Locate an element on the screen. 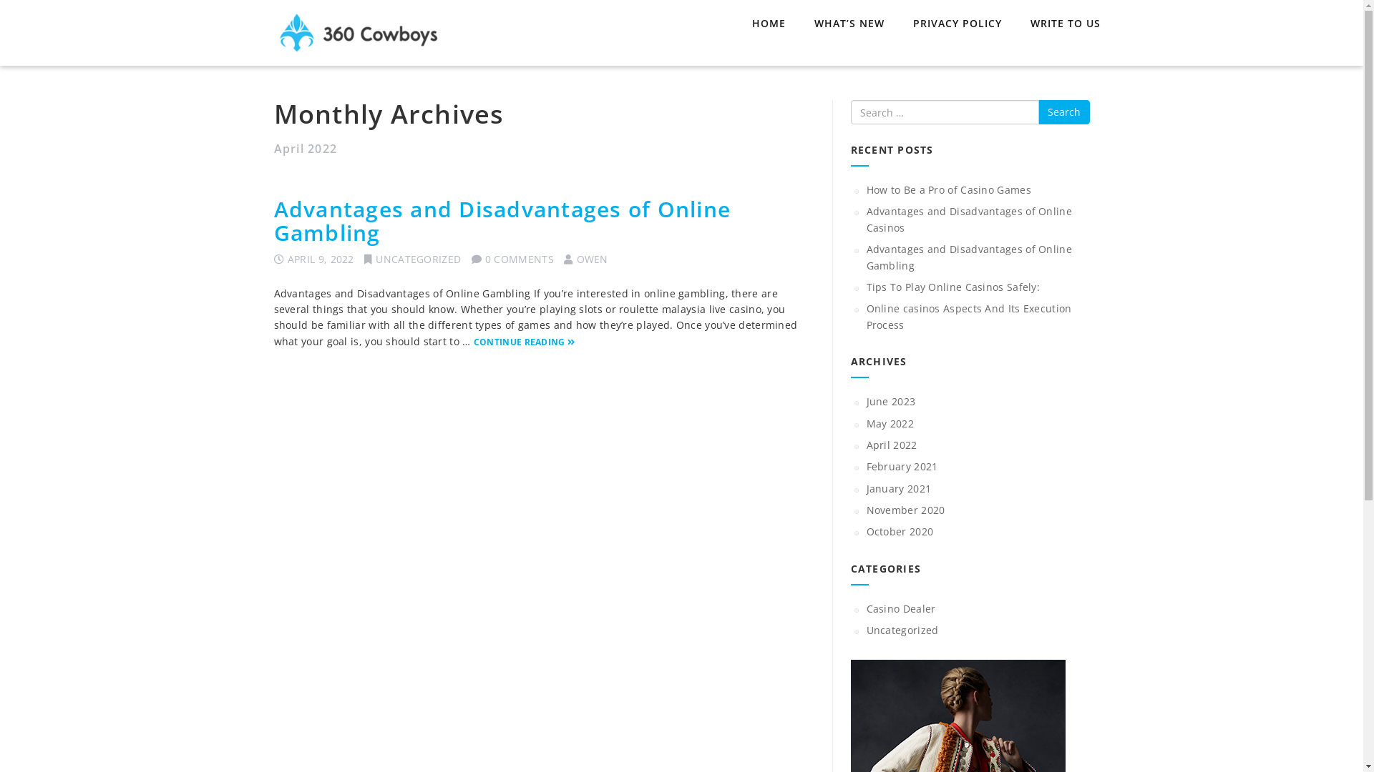 The image size is (1374, 772). 'February 2021' is located at coordinates (900, 466).